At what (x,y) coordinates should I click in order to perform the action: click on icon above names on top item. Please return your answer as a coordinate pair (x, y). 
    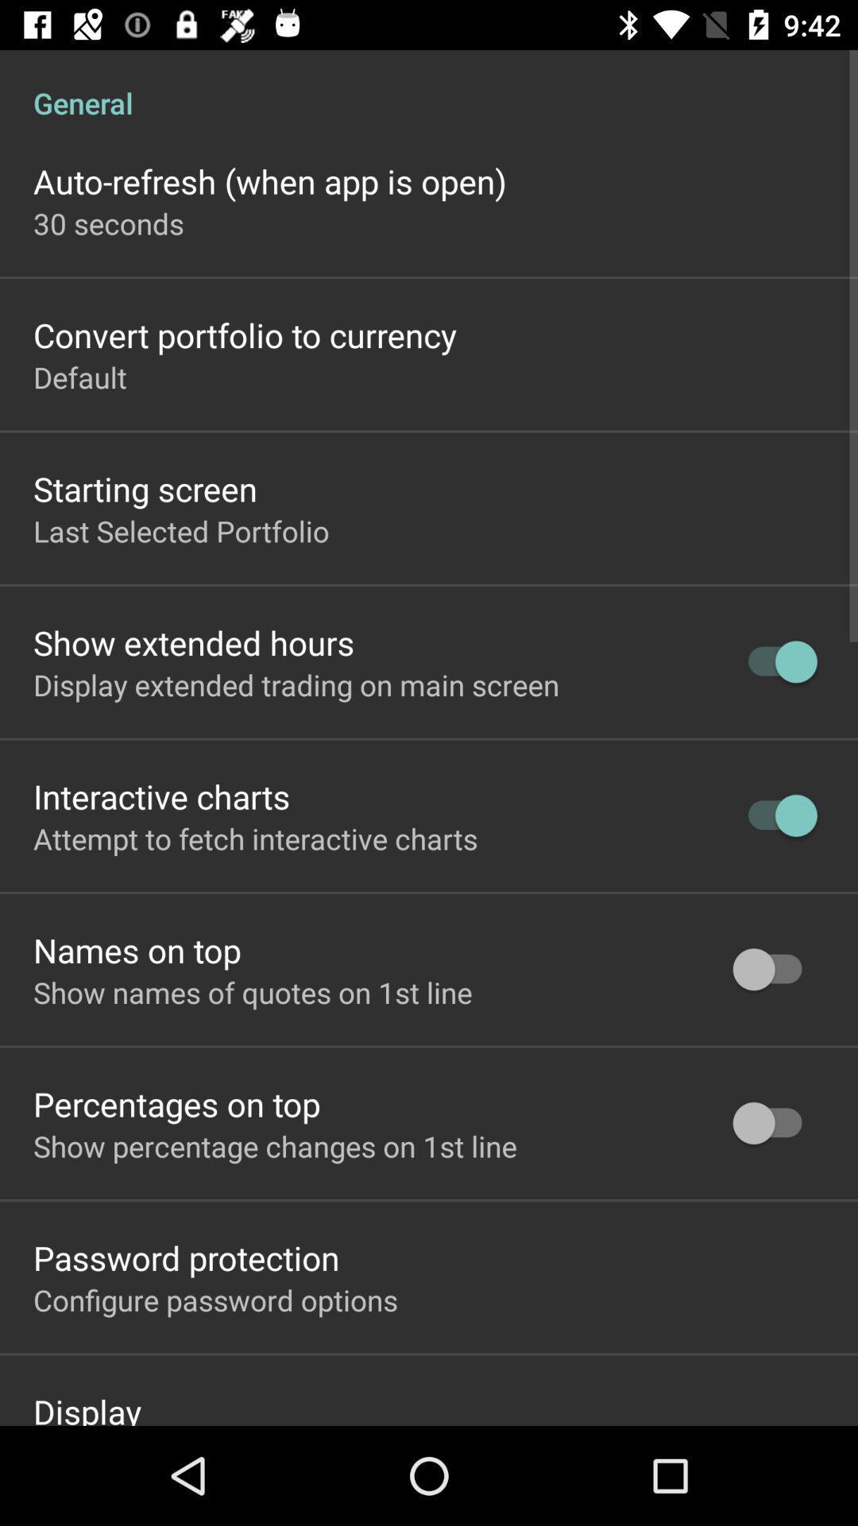
    Looking at the image, I should click on (254, 838).